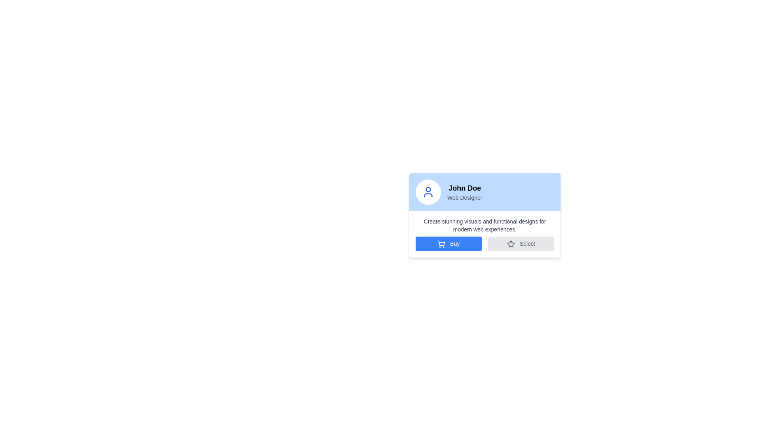 The image size is (760, 428). Describe the element at coordinates (441, 244) in the screenshot. I see `shopping cart icon located within the blue 'Buy' button, which is positioned on the left side of the card's button group` at that location.